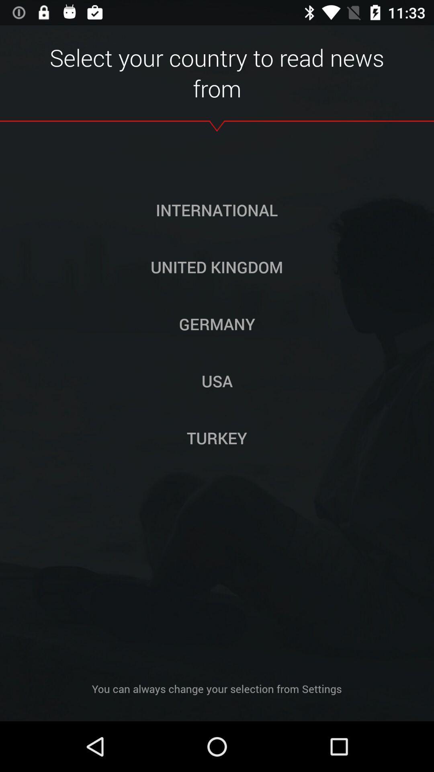 The image size is (434, 772). Describe the element at coordinates (217, 437) in the screenshot. I see `icon below the usa button` at that location.